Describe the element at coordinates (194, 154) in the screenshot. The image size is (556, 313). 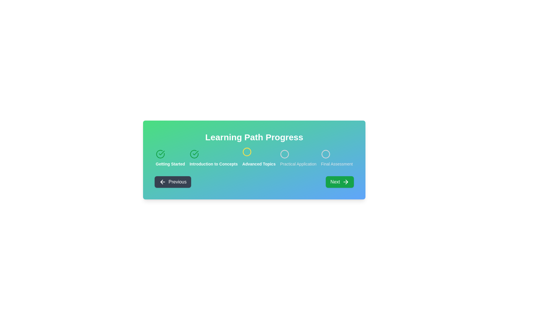
I see `the progress indicator icon that marks the 'Introduction to Concepts' stage as completed, located in the second position of the progress tracker` at that location.